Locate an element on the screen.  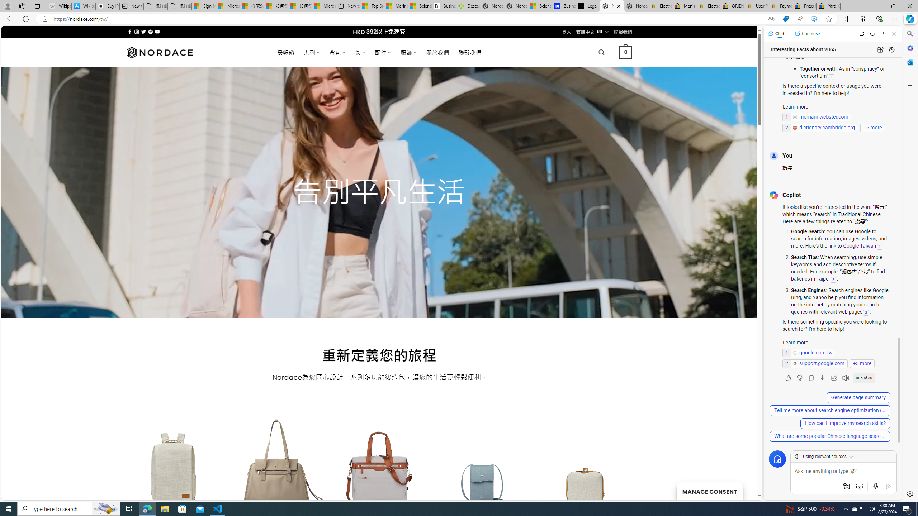
'This site has coupons! Shopping in Microsoft Edge' is located at coordinates (785, 19).